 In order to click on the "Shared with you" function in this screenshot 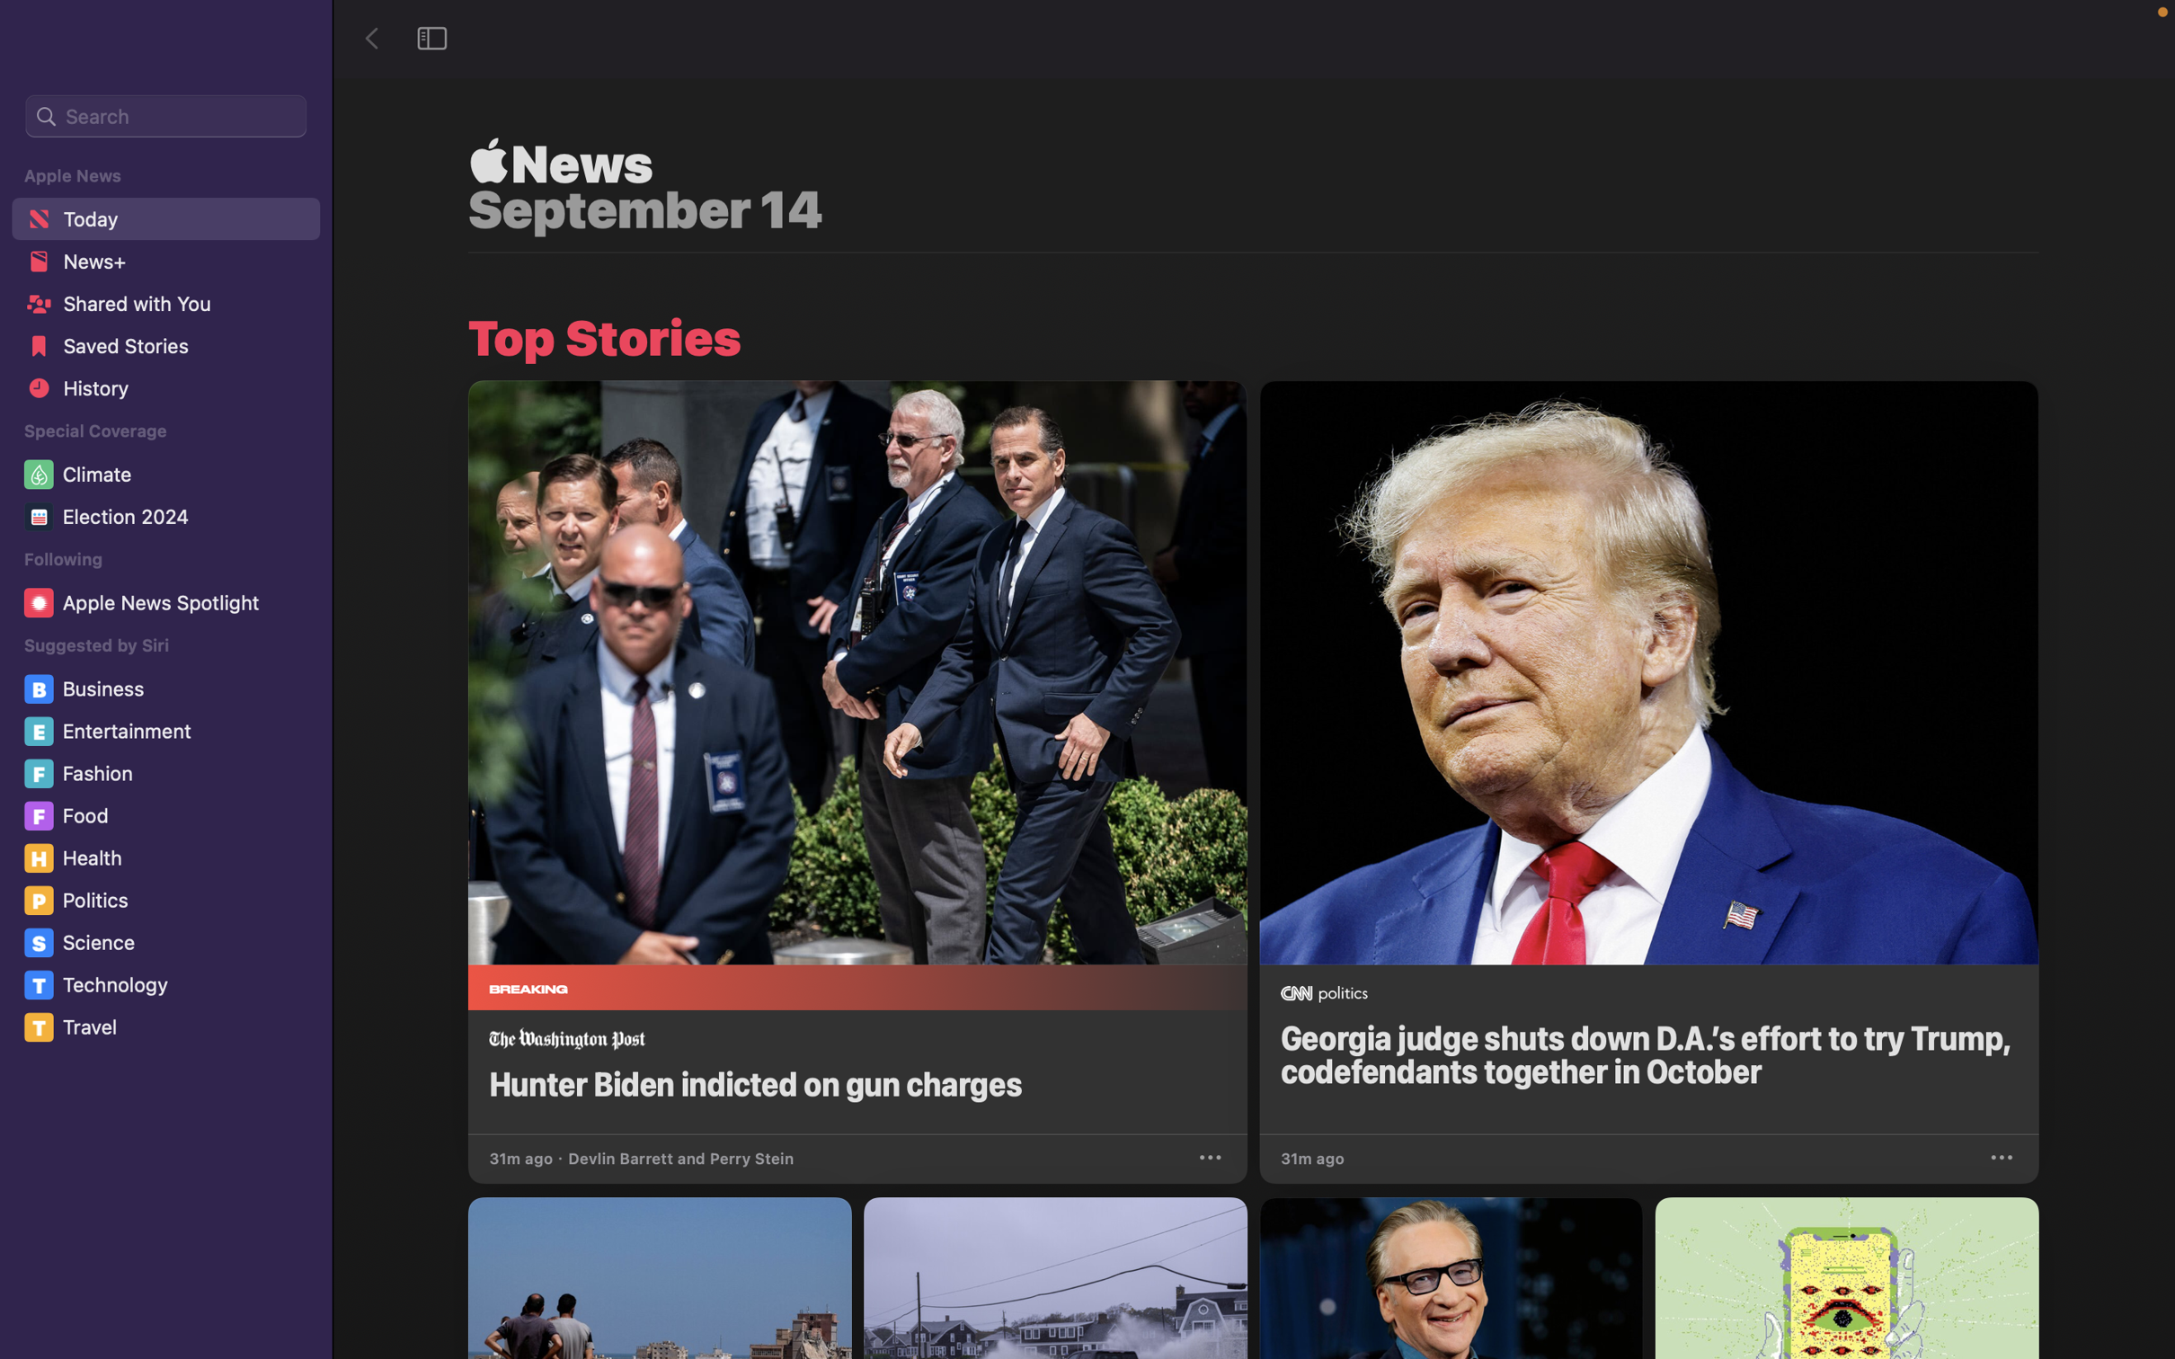, I will do `click(163, 308)`.